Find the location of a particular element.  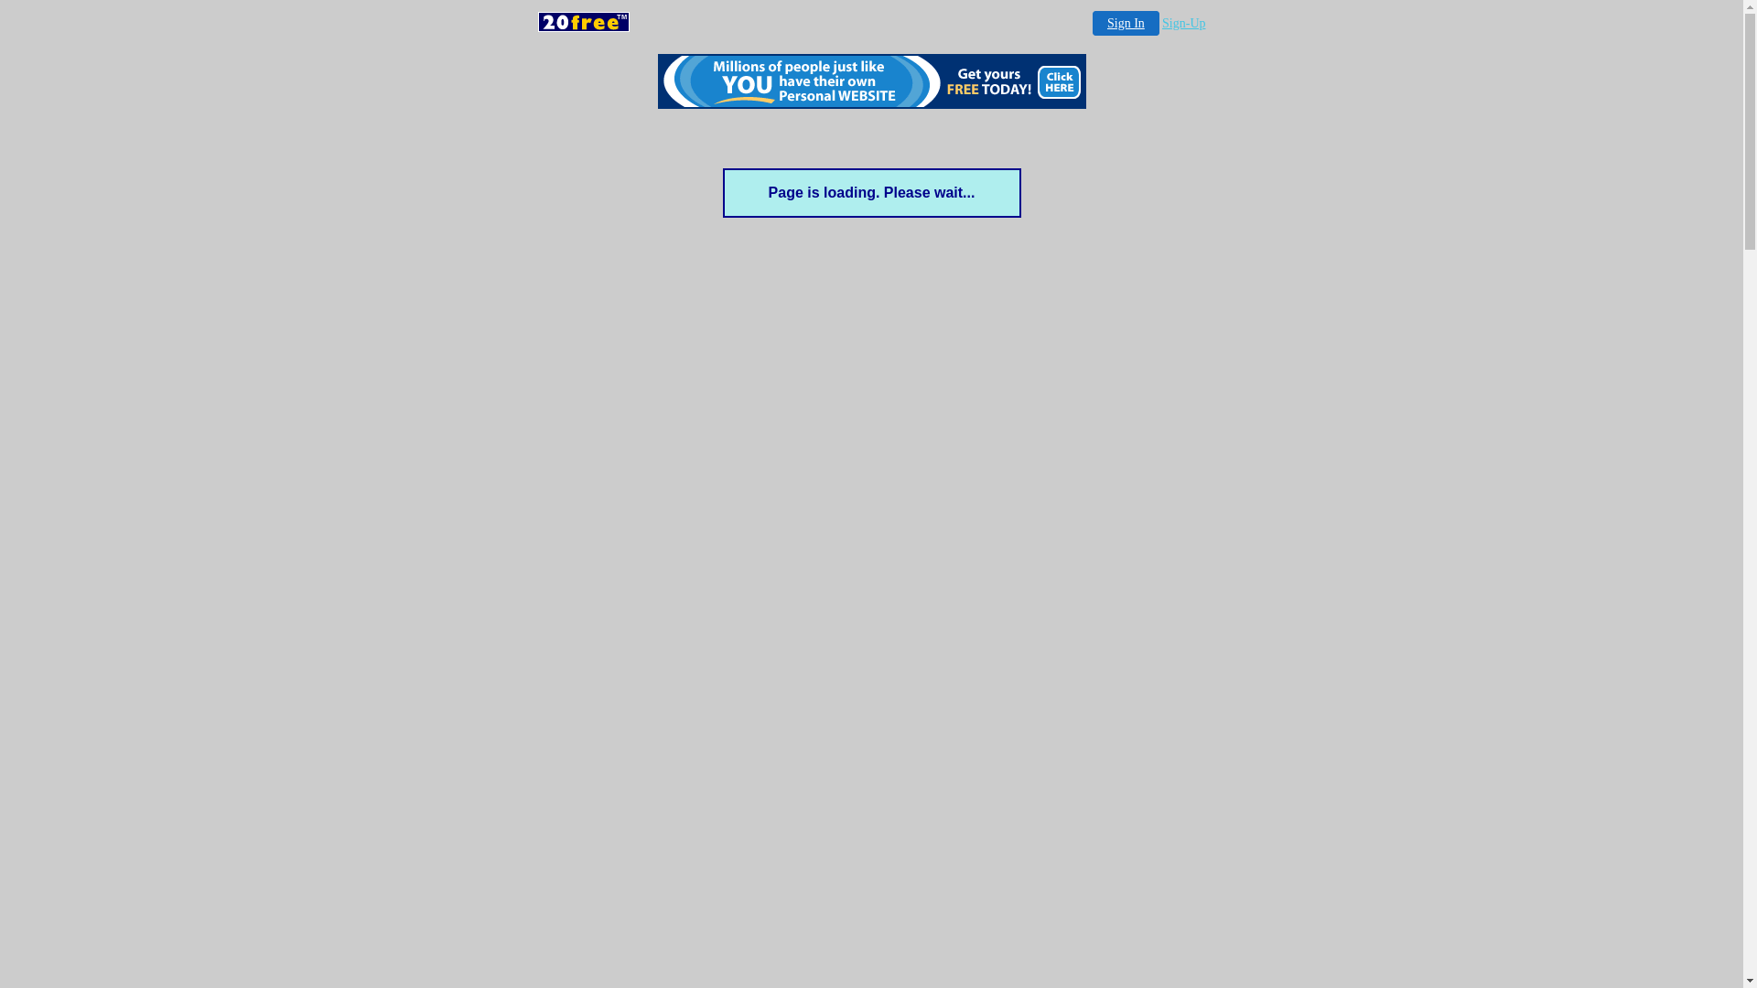

'Sign-Up' is located at coordinates (1161, 23).